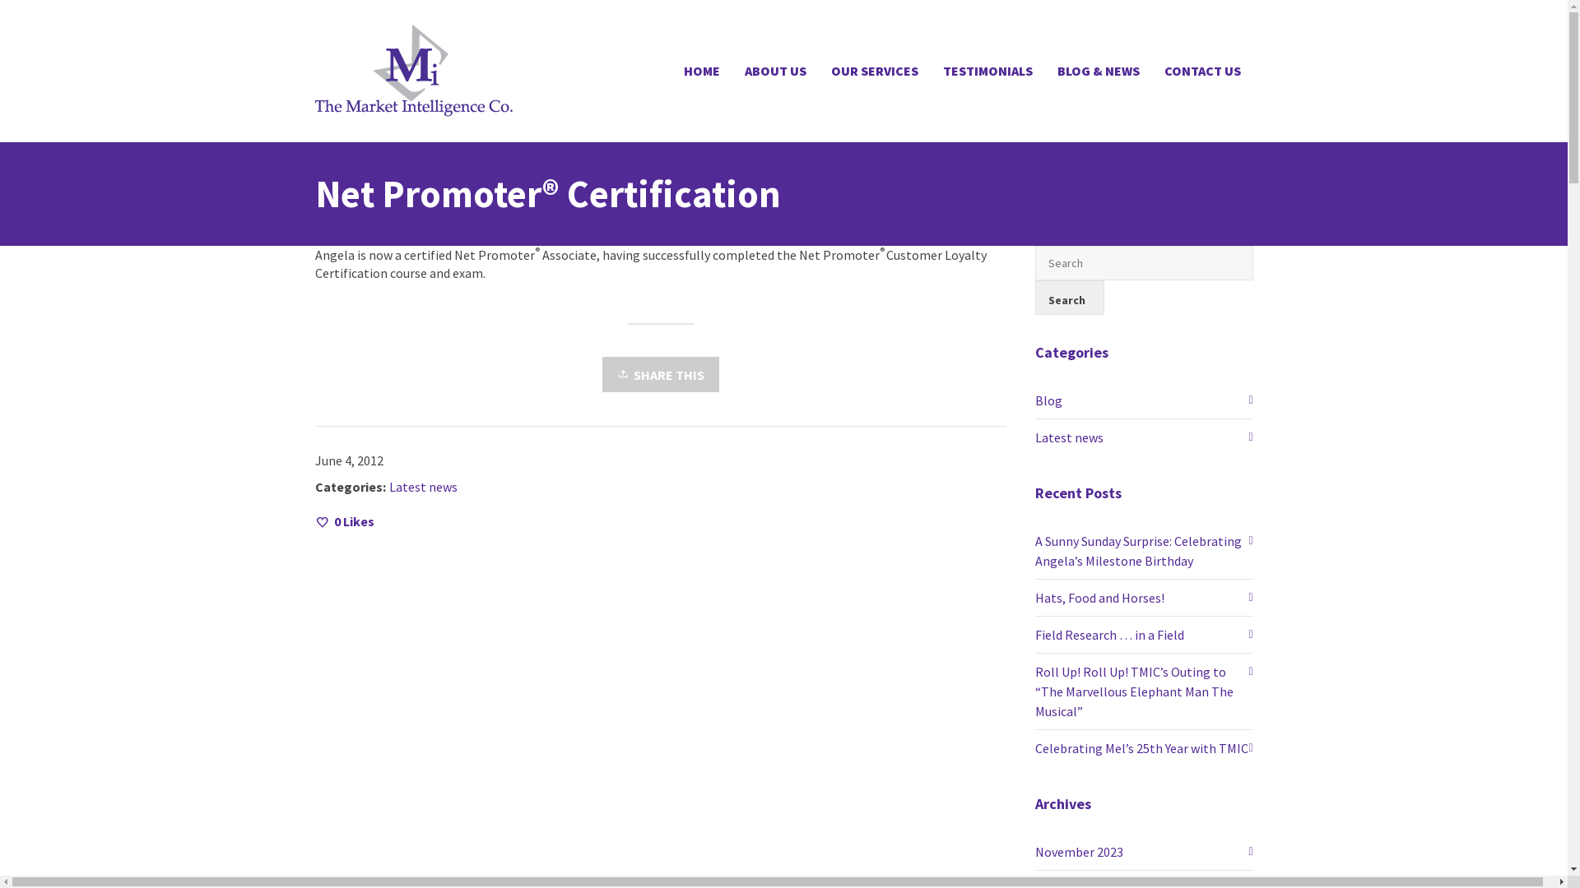 The width and height of the screenshot is (1580, 888). What do you see at coordinates (1044, 69) in the screenshot?
I see `'BLOG & NEWS'` at bounding box center [1044, 69].